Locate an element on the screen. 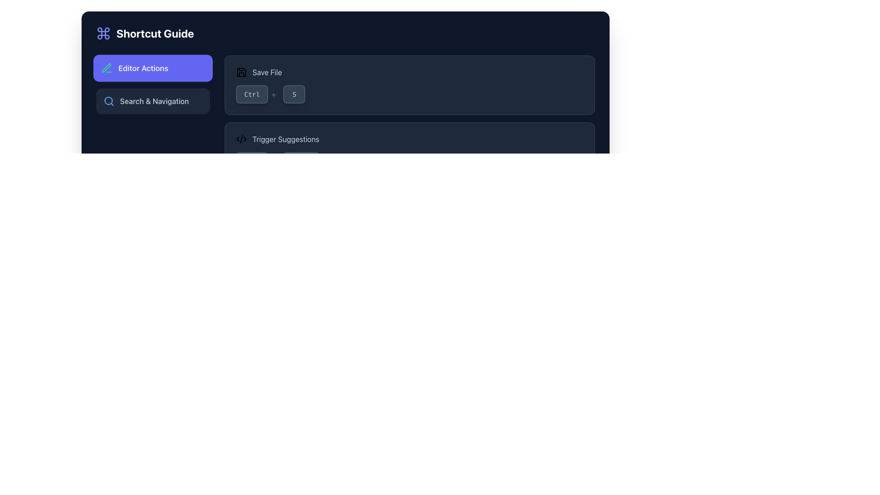 The image size is (880, 495). the central icon component of the SVG graphic, which represents a code or syntax highlight and serves as a visual cue to users is located at coordinates (242, 139).